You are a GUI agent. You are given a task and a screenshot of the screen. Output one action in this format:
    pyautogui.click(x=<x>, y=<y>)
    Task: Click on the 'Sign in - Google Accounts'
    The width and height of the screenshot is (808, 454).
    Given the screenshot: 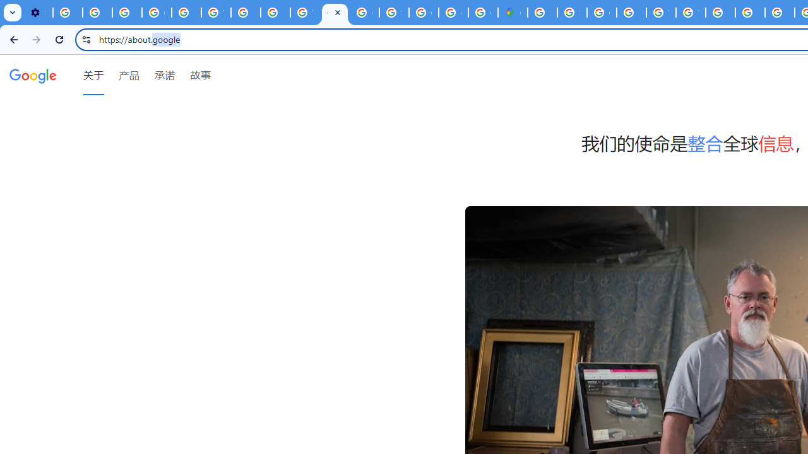 What is the action you would take?
    pyautogui.click(x=571, y=13)
    